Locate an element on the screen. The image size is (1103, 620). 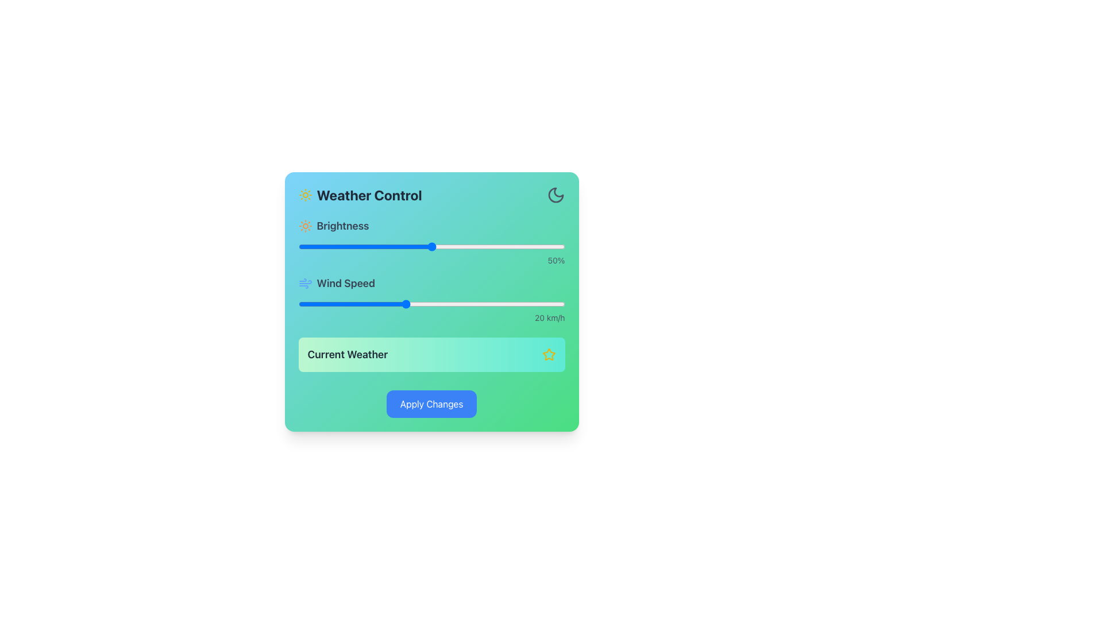
the blue button with rounded corners labeled 'Apply Changes' located at the bottom center of the modal to apply changes is located at coordinates (431, 404).